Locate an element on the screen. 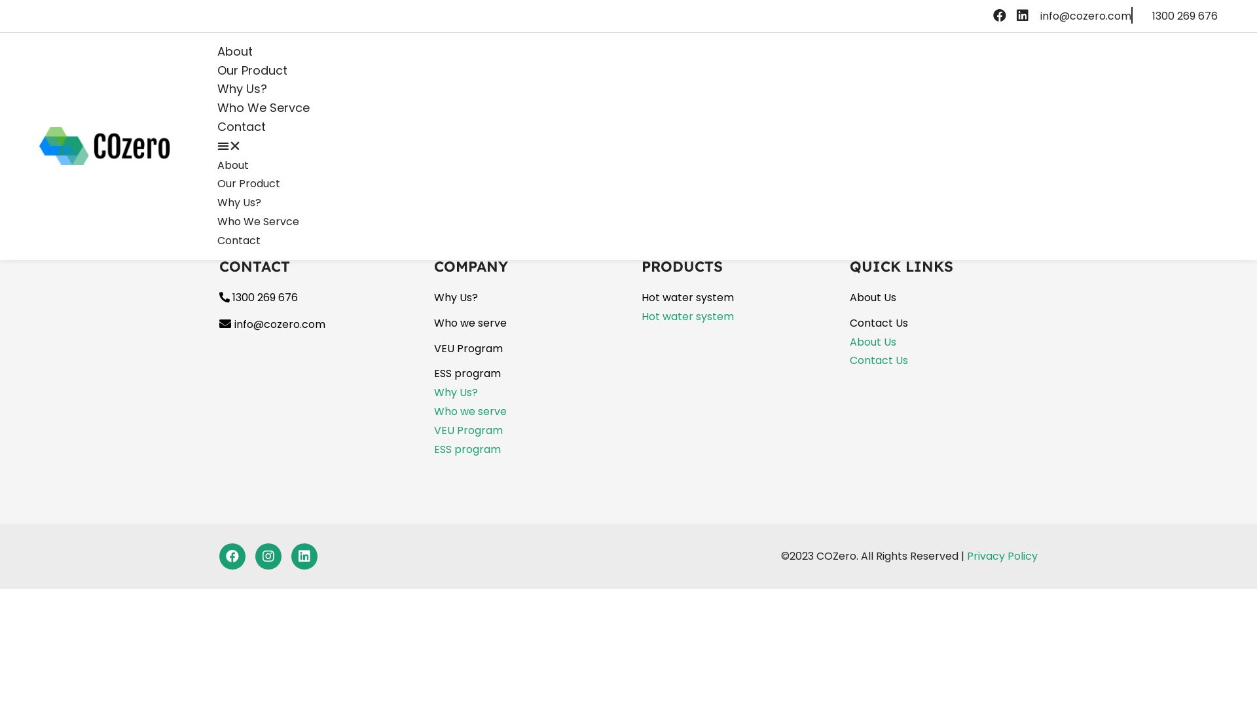 The width and height of the screenshot is (1257, 707). 'Why Us?' is located at coordinates (217, 88).